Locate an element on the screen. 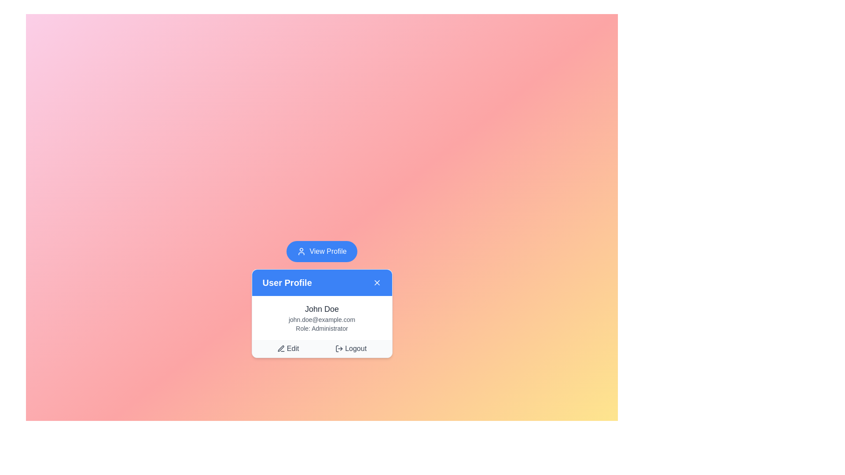  the SVG icon element that resembles a pen, which is positioned to the far left of the icon group in the user profile card, adjacent to the 'Edit' label is located at coordinates (280, 348).